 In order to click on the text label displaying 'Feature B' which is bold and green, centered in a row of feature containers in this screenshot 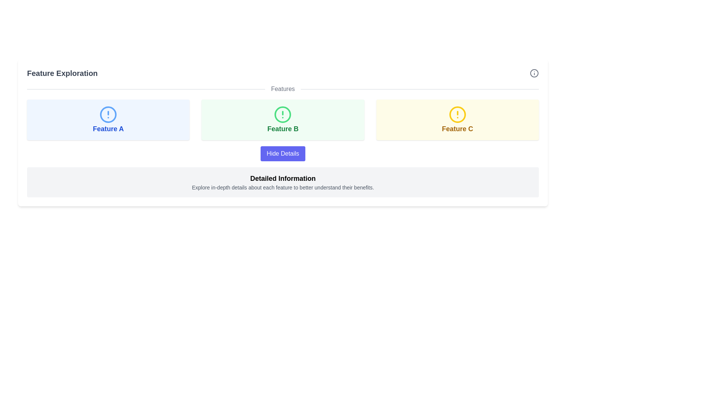, I will do `click(282, 129)`.